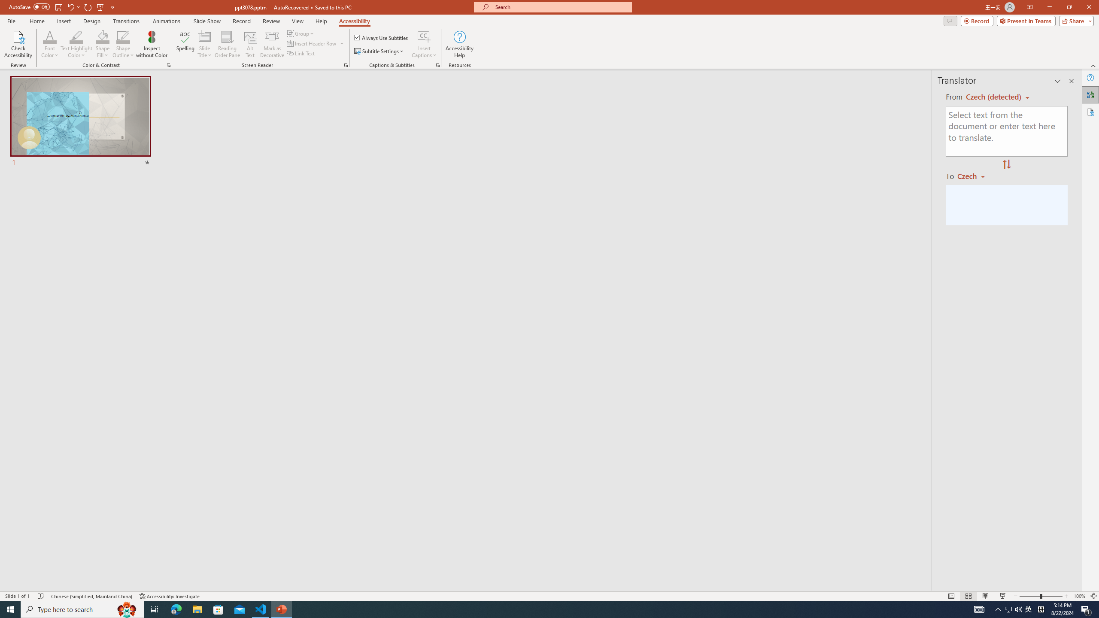 This screenshot has width=1099, height=618. Describe the element at coordinates (381, 37) in the screenshot. I see `'Always Use Subtitles'` at that location.